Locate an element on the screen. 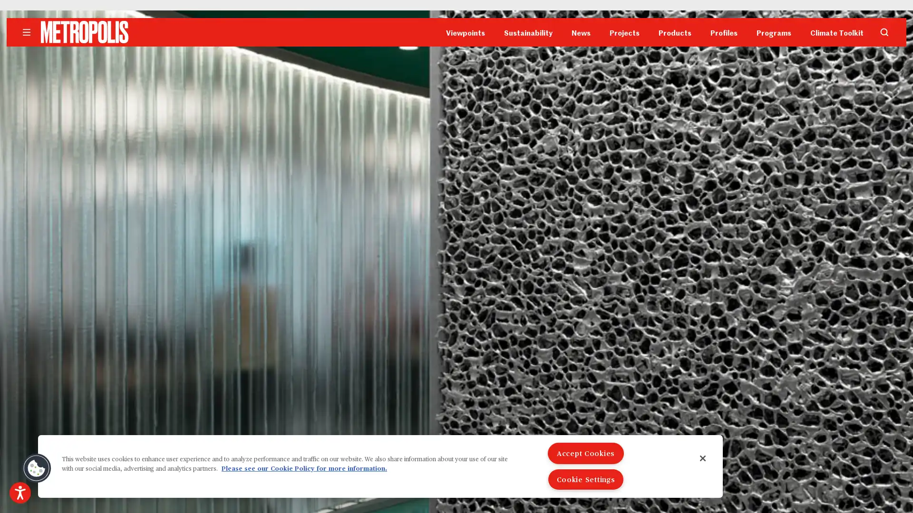  Join Our Email List is located at coordinates (456, 168).